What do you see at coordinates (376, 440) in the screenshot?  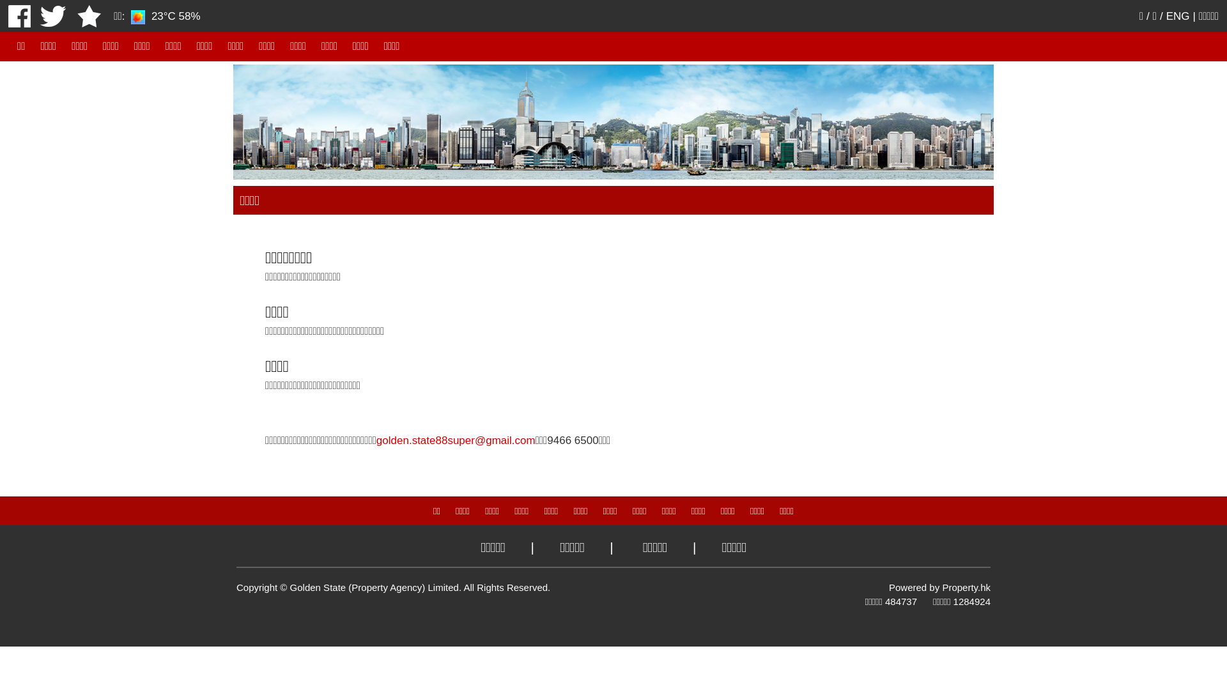 I see `'golden.state88super@gmail.com'` at bounding box center [376, 440].